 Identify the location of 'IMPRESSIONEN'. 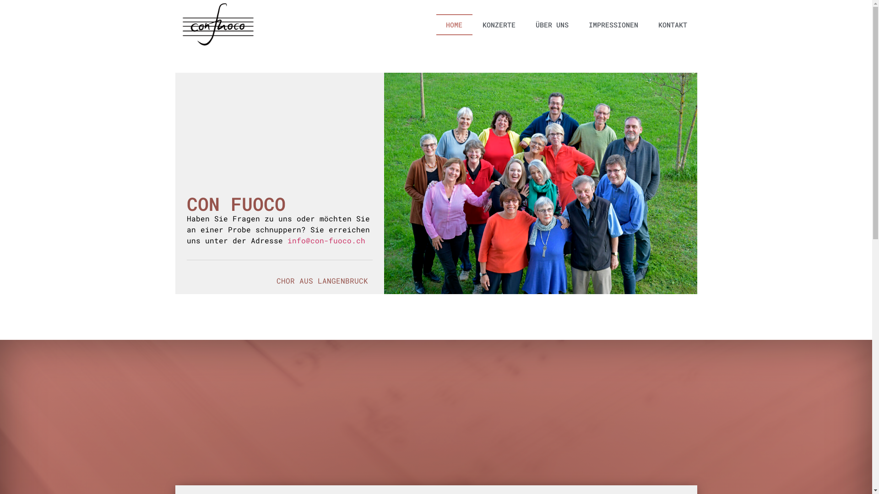
(578, 24).